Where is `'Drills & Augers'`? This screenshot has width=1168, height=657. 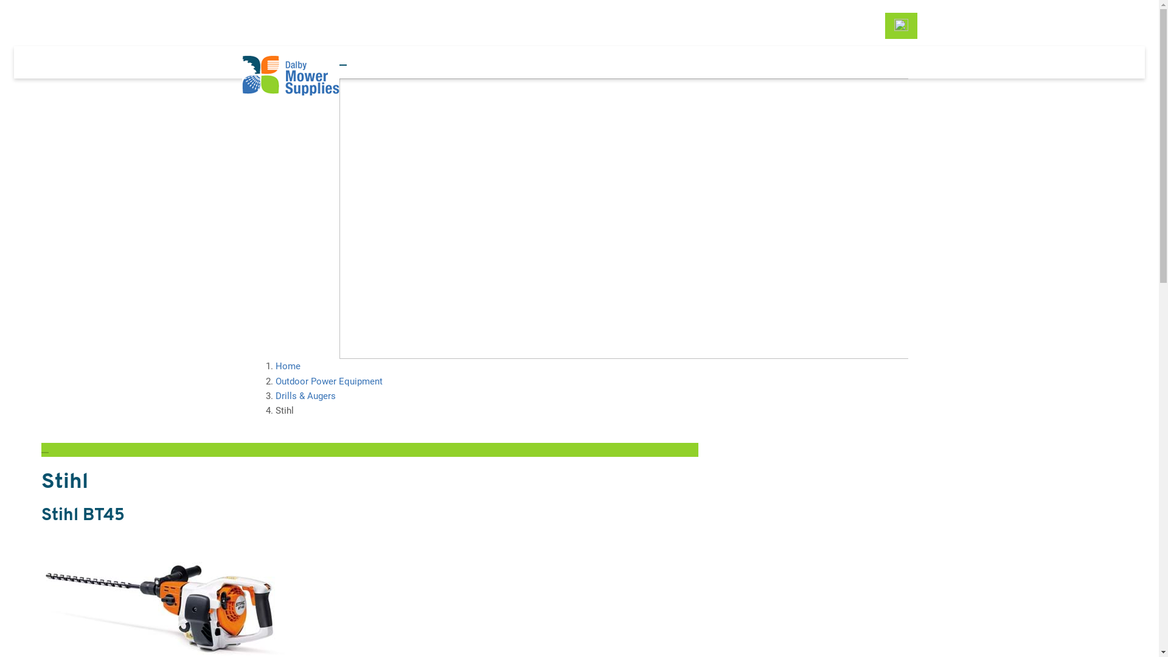
'Drills & Augers' is located at coordinates (305, 396).